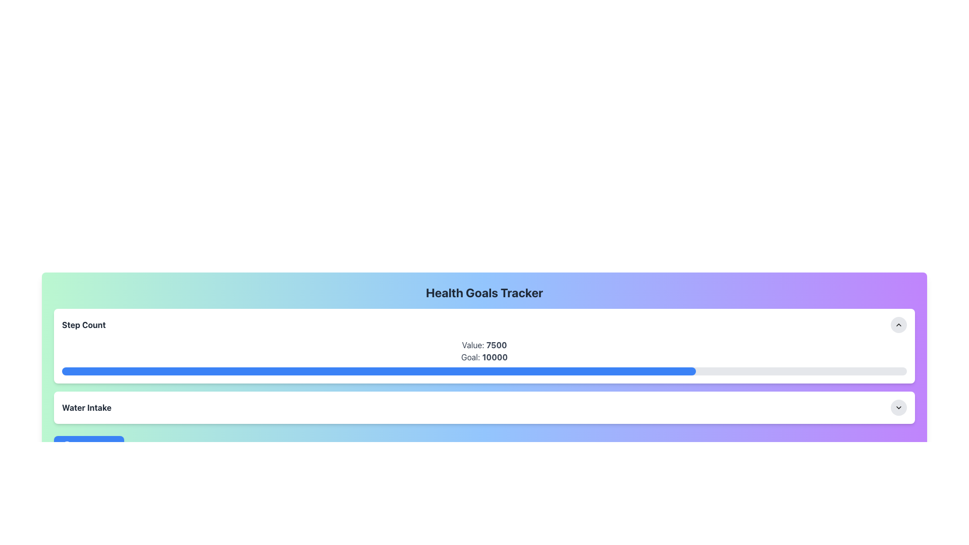 The width and height of the screenshot is (969, 545). I want to click on static text element displaying the value '7500' located beneath the heading 'Health Goals Tracker' and aligned with the label 'Value:', so click(497, 344).